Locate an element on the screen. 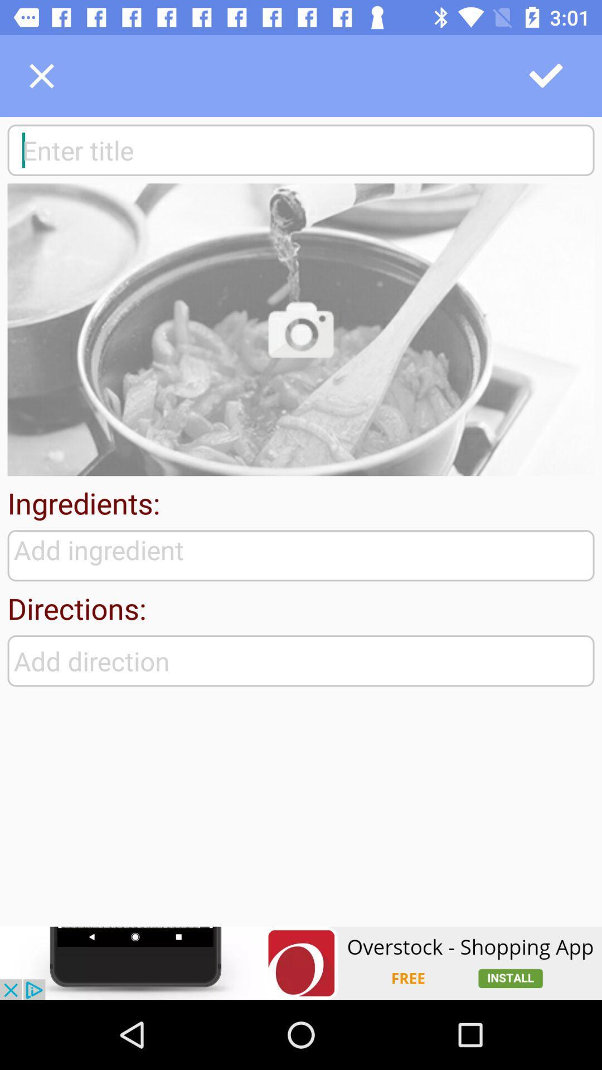 This screenshot has width=602, height=1070. the name option is located at coordinates (301, 149).